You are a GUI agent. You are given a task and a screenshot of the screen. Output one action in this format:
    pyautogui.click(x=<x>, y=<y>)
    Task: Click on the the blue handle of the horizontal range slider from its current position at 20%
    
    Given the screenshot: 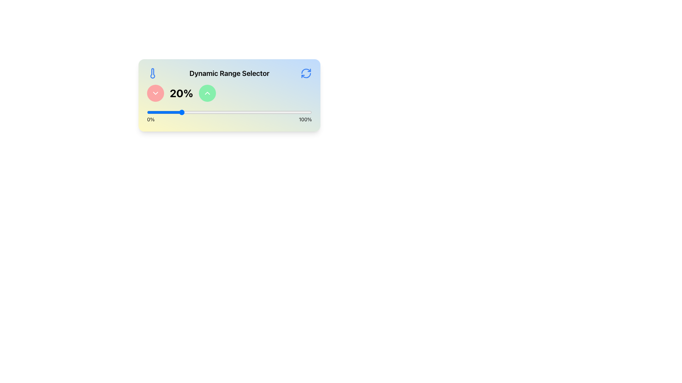 What is the action you would take?
    pyautogui.click(x=229, y=112)
    